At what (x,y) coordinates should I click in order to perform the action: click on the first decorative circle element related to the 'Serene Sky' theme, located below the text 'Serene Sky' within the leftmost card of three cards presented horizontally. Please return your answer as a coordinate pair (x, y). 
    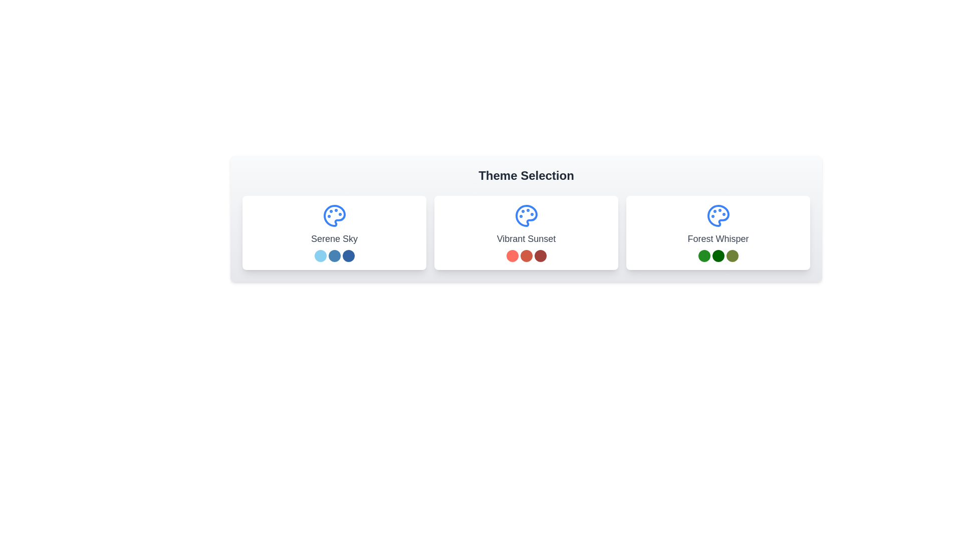
    Looking at the image, I should click on (320, 255).